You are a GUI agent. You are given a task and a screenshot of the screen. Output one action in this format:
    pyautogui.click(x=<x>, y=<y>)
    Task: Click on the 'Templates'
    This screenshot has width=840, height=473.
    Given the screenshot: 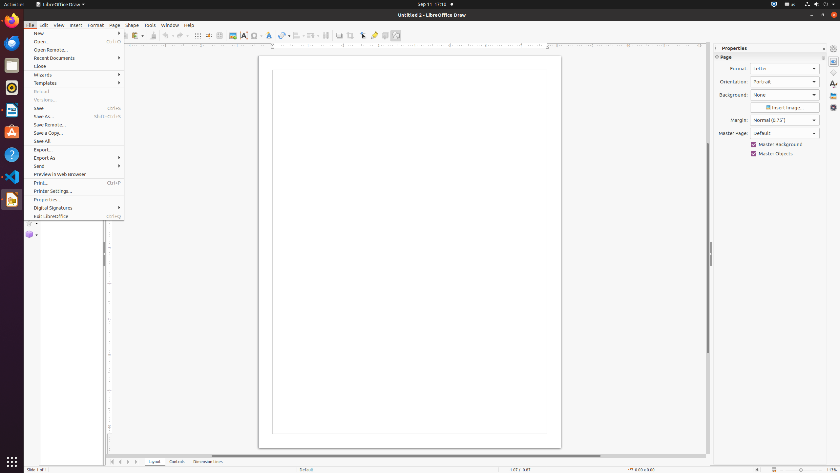 What is the action you would take?
    pyautogui.click(x=73, y=83)
    